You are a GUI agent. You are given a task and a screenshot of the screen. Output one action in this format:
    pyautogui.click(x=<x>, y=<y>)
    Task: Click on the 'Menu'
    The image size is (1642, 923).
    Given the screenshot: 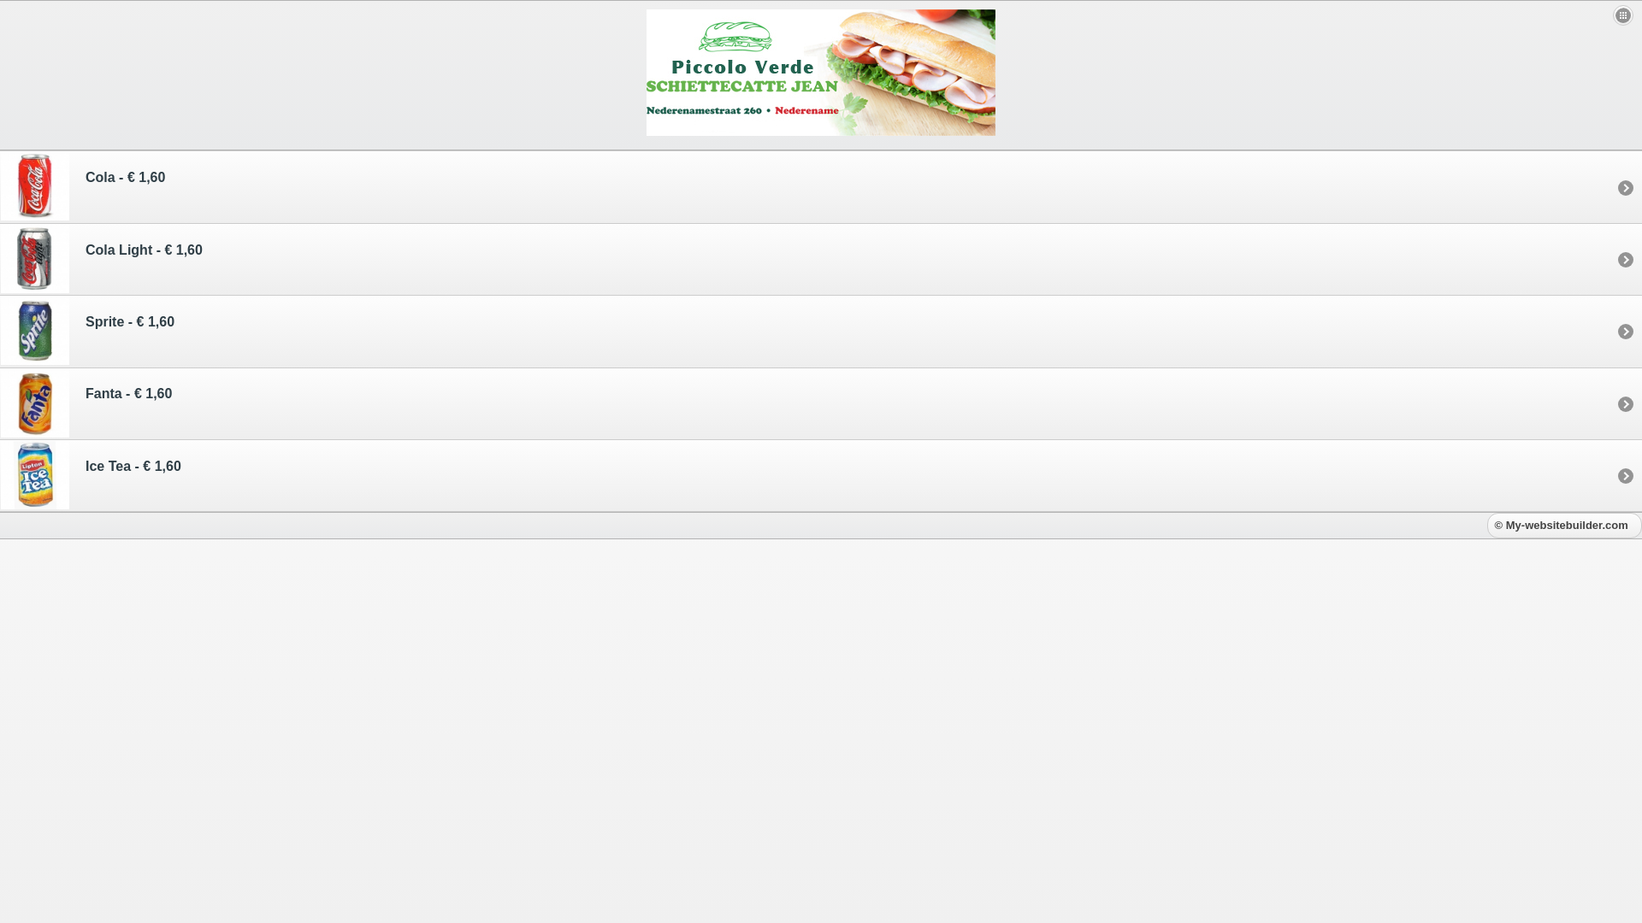 What is the action you would take?
    pyautogui.click(x=1621, y=15)
    